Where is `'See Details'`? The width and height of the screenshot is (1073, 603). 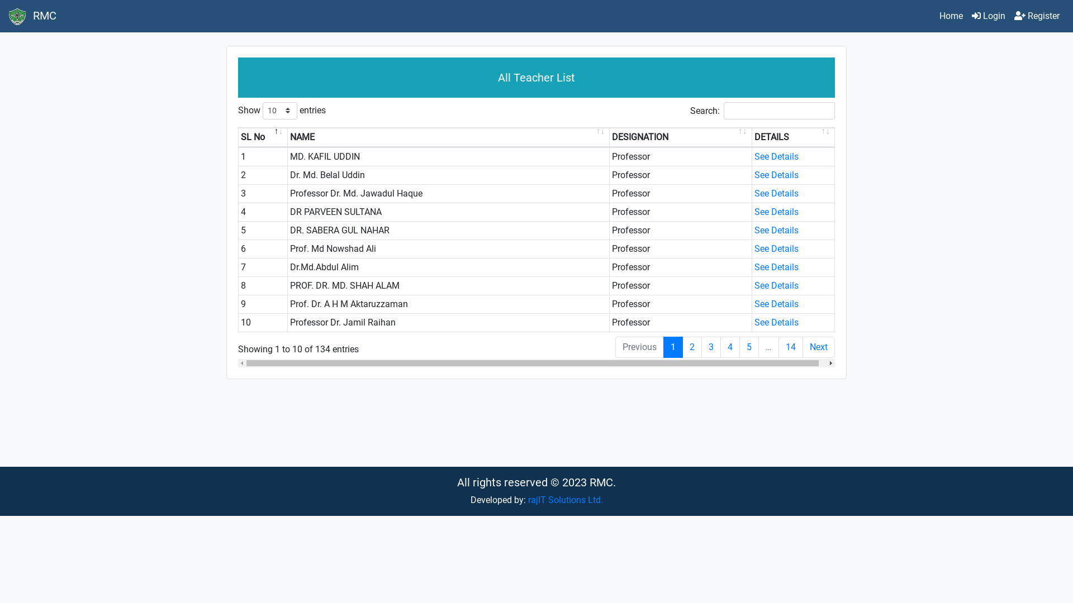 'See Details' is located at coordinates (754, 248).